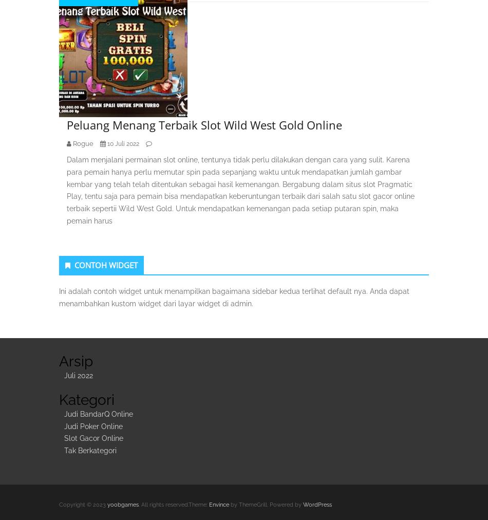  What do you see at coordinates (87, 399) in the screenshot?
I see `'Kategori'` at bounding box center [87, 399].